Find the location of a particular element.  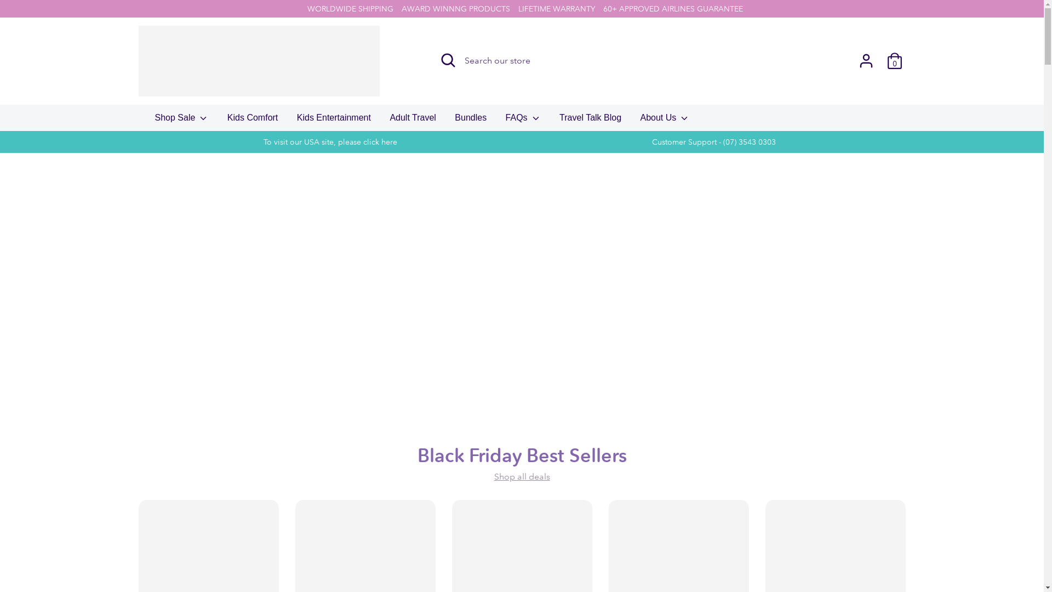

'Shop Sale' is located at coordinates (146, 121).